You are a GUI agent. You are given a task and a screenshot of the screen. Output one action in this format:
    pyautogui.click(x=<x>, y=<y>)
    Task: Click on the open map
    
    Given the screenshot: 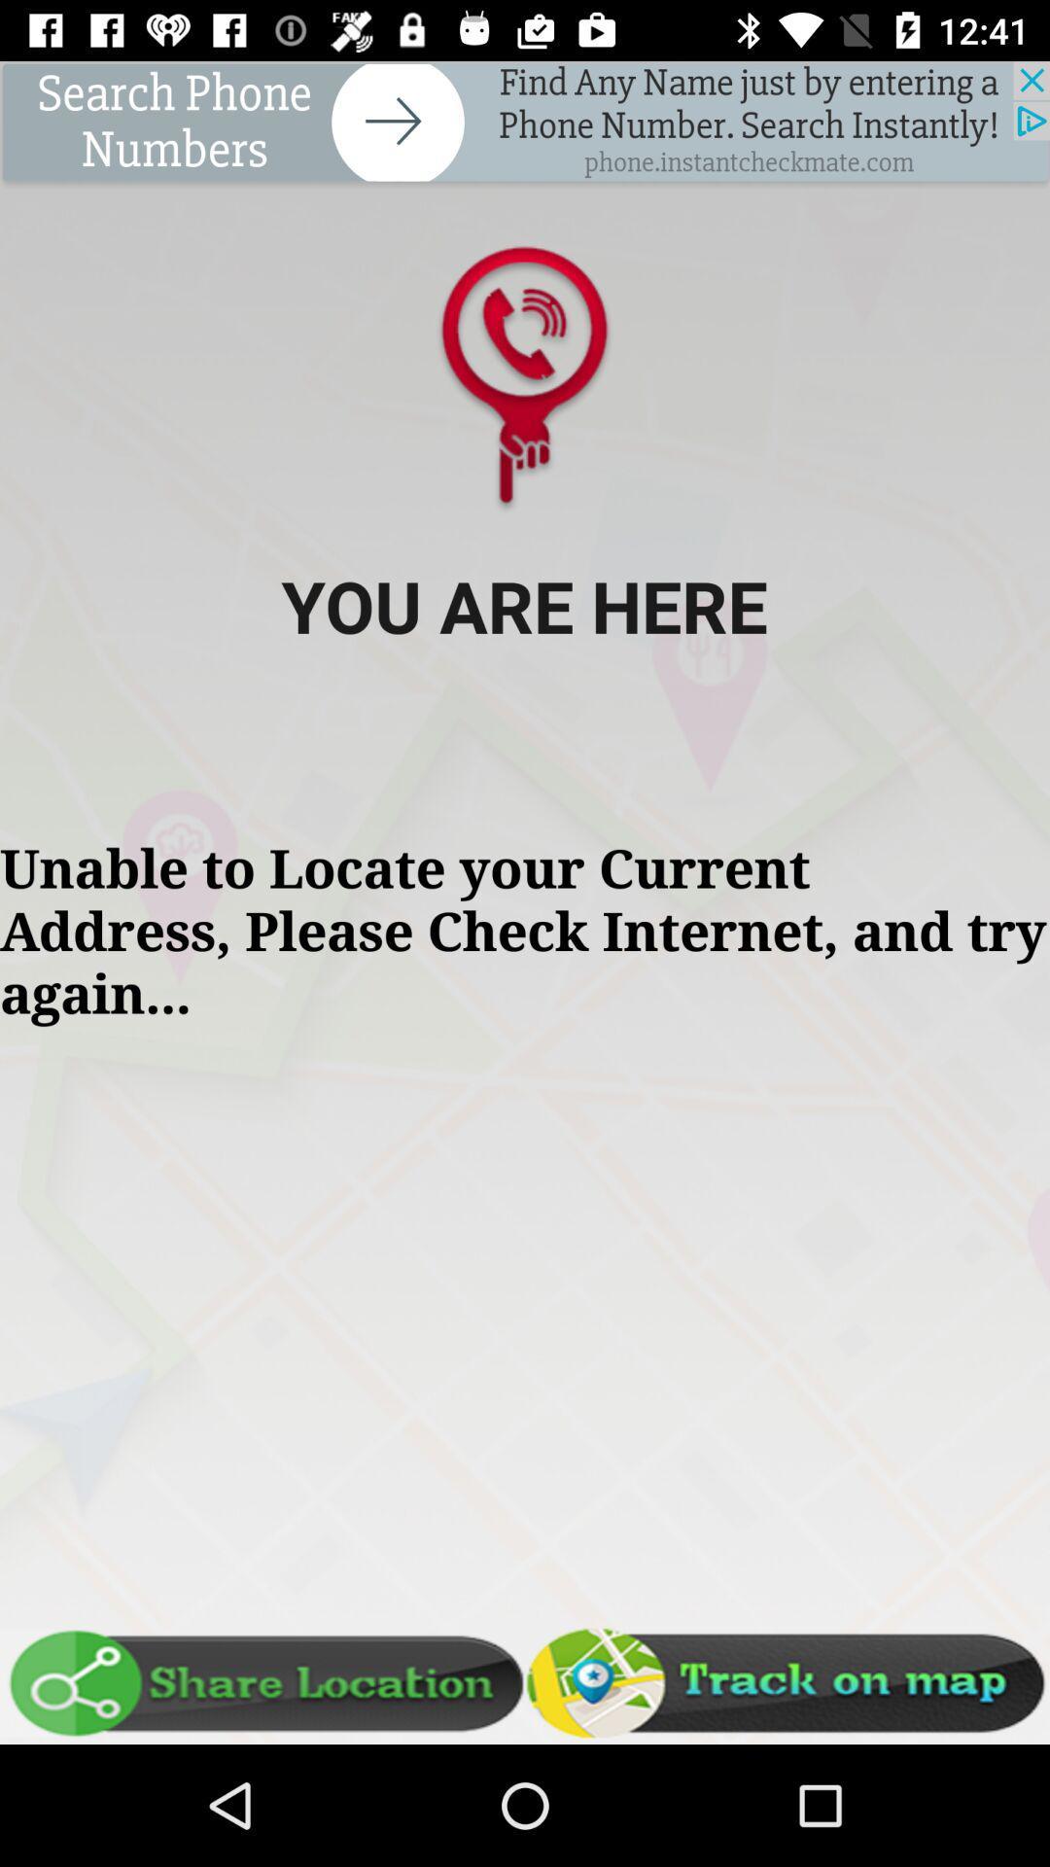 What is the action you would take?
    pyautogui.click(x=787, y=1682)
    